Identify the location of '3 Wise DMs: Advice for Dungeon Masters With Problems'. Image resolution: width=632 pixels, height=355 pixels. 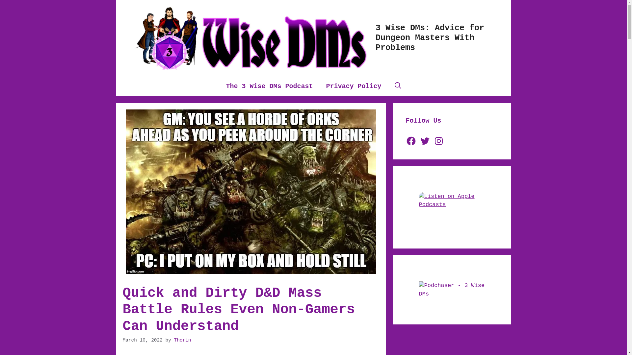
(430, 38).